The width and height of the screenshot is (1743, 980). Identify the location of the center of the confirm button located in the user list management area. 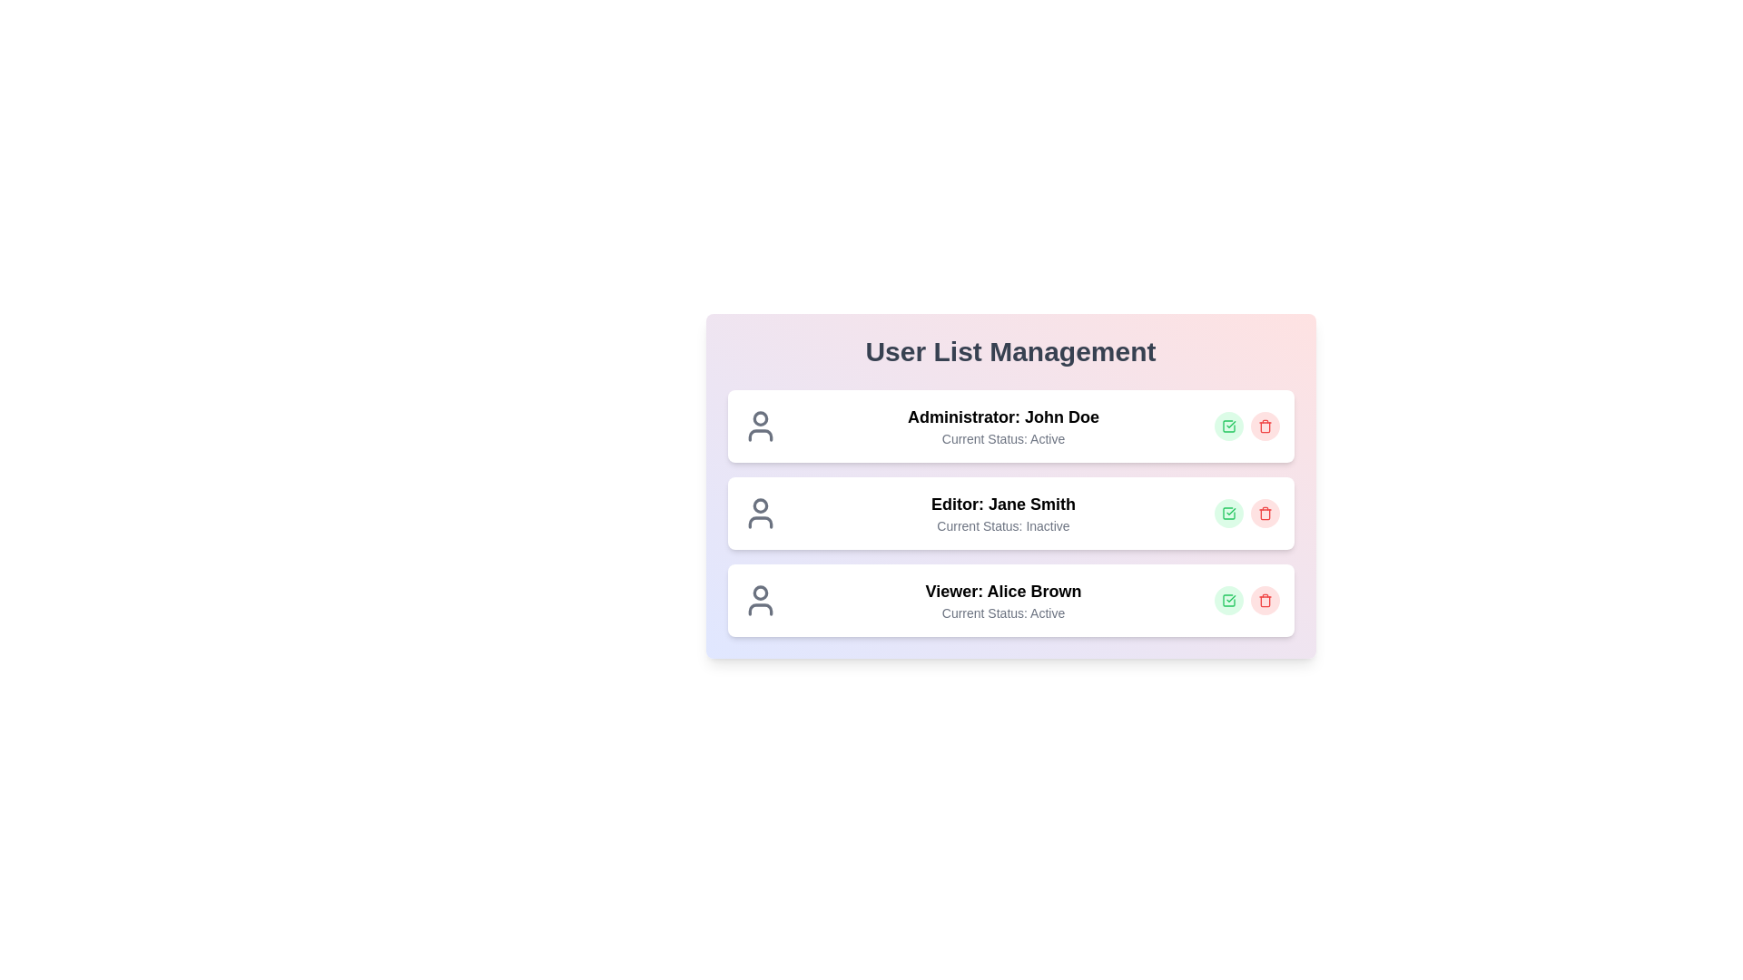
(1228, 514).